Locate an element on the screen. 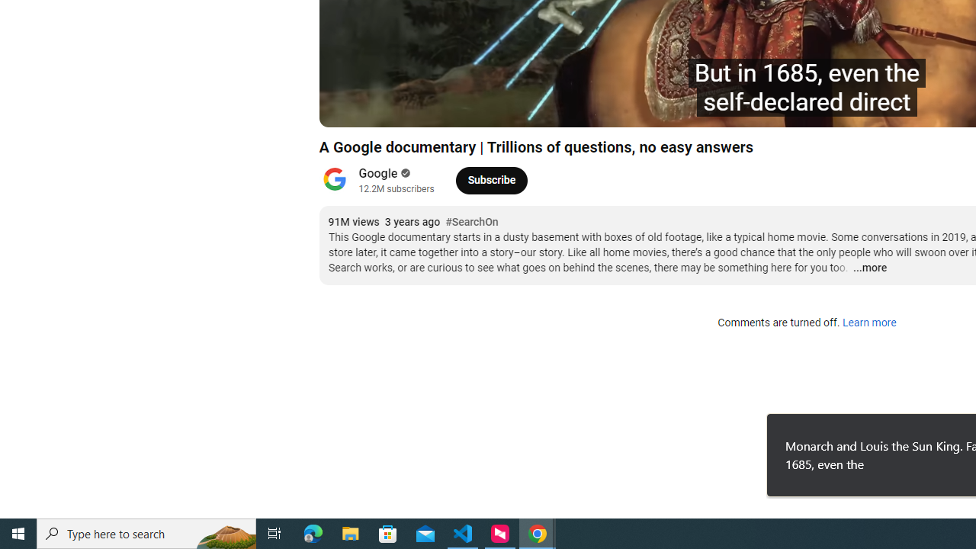 This screenshot has width=976, height=549. 'Subscribe to Google.' is located at coordinates (491, 179).